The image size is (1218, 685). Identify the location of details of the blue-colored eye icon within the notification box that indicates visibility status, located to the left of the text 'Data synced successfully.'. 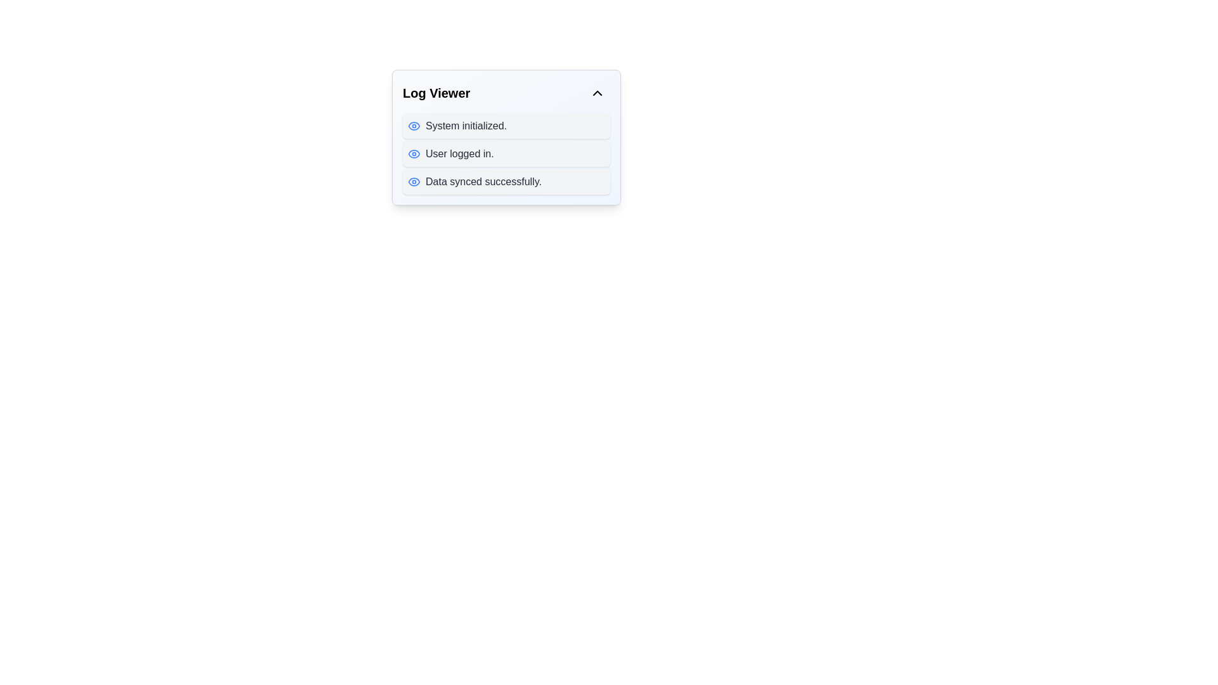
(414, 181).